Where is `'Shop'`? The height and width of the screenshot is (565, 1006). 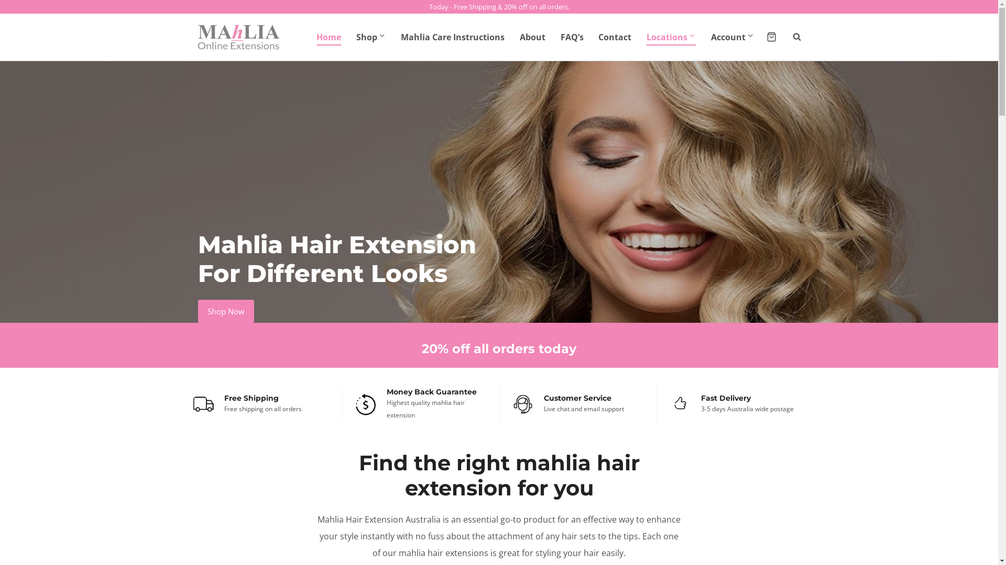 'Shop' is located at coordinates (371, 36).